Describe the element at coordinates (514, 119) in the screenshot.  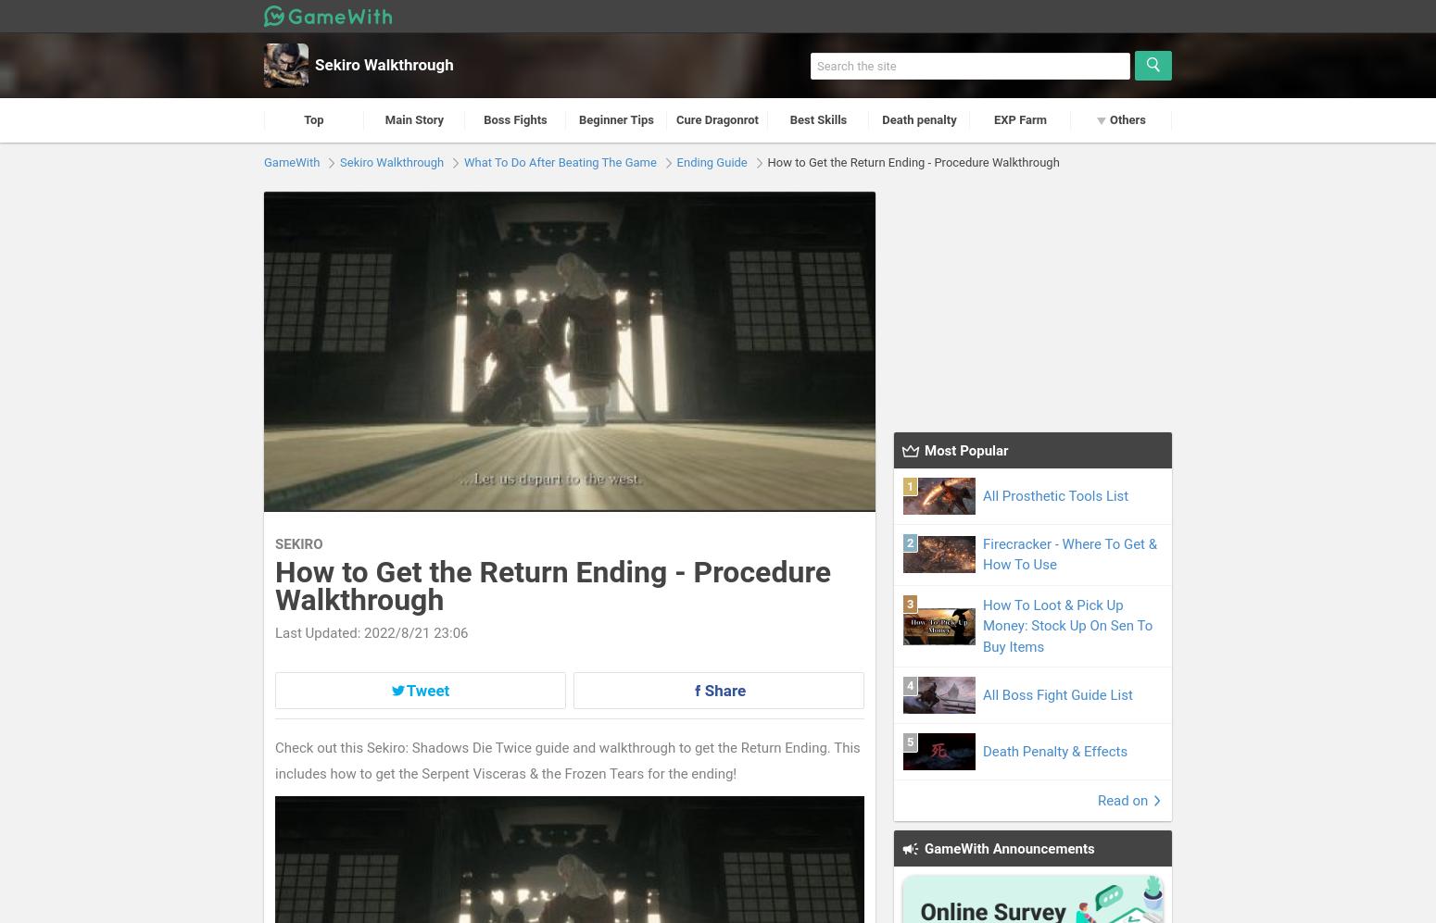
I see `'Boss Fights'` at that location.